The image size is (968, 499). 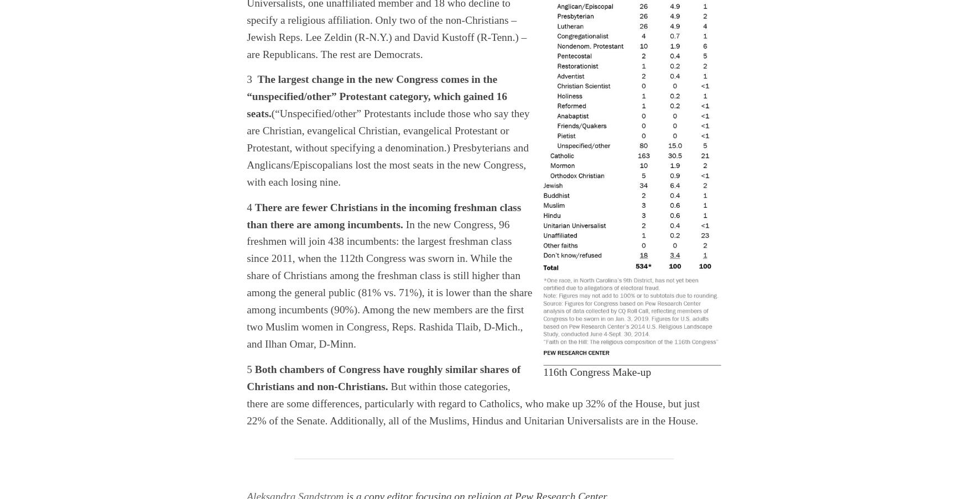 I want to click on '3', so click(x=252, y=78).